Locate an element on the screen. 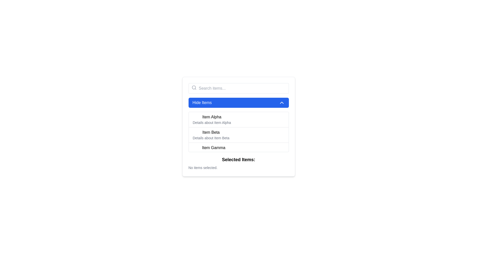 The image size is (484, 272). the up-pointing chevron icon located at the far right of the blue button labeled 'Hide Items' is located at coordinates (281, 103).